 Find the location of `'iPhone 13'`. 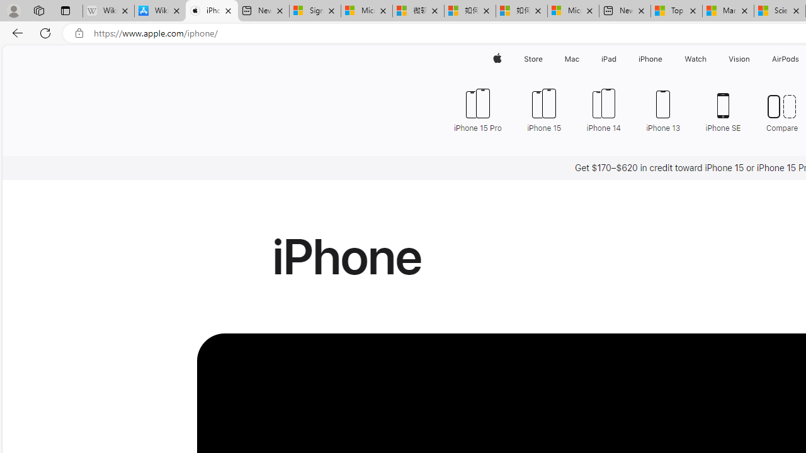

'iPhone 13' is located at coordinates (663, 108).